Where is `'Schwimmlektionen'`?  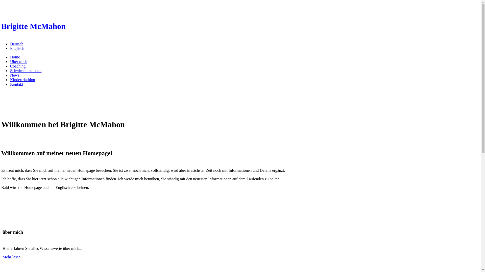 'Schwimmlektionen' is located at coordinates (25, 71).